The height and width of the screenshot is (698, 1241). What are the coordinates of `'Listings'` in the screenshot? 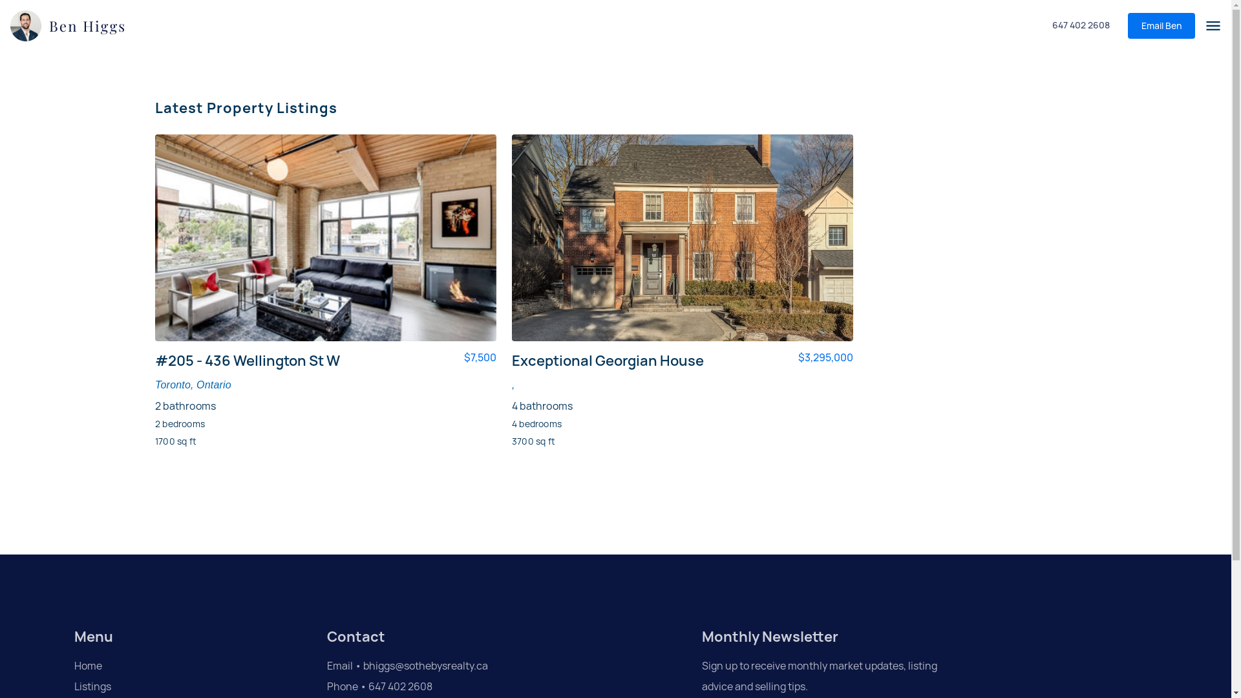 It's located at (156, 686).